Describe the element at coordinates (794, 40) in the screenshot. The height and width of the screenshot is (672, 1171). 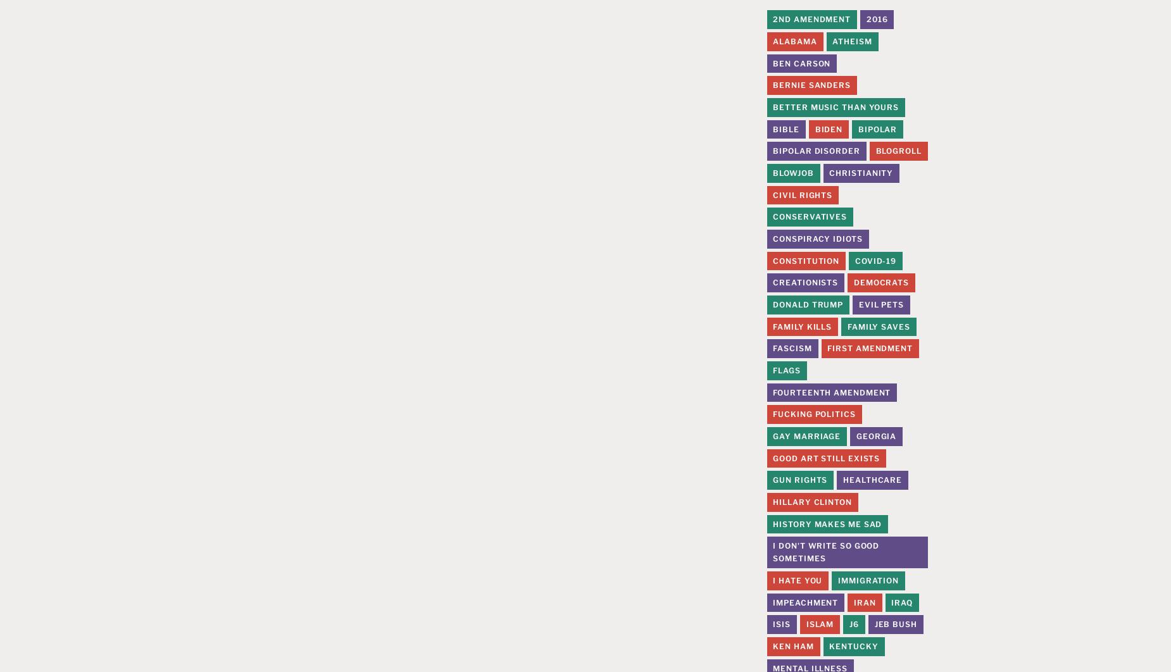
I see `'Alabama'` at that location.